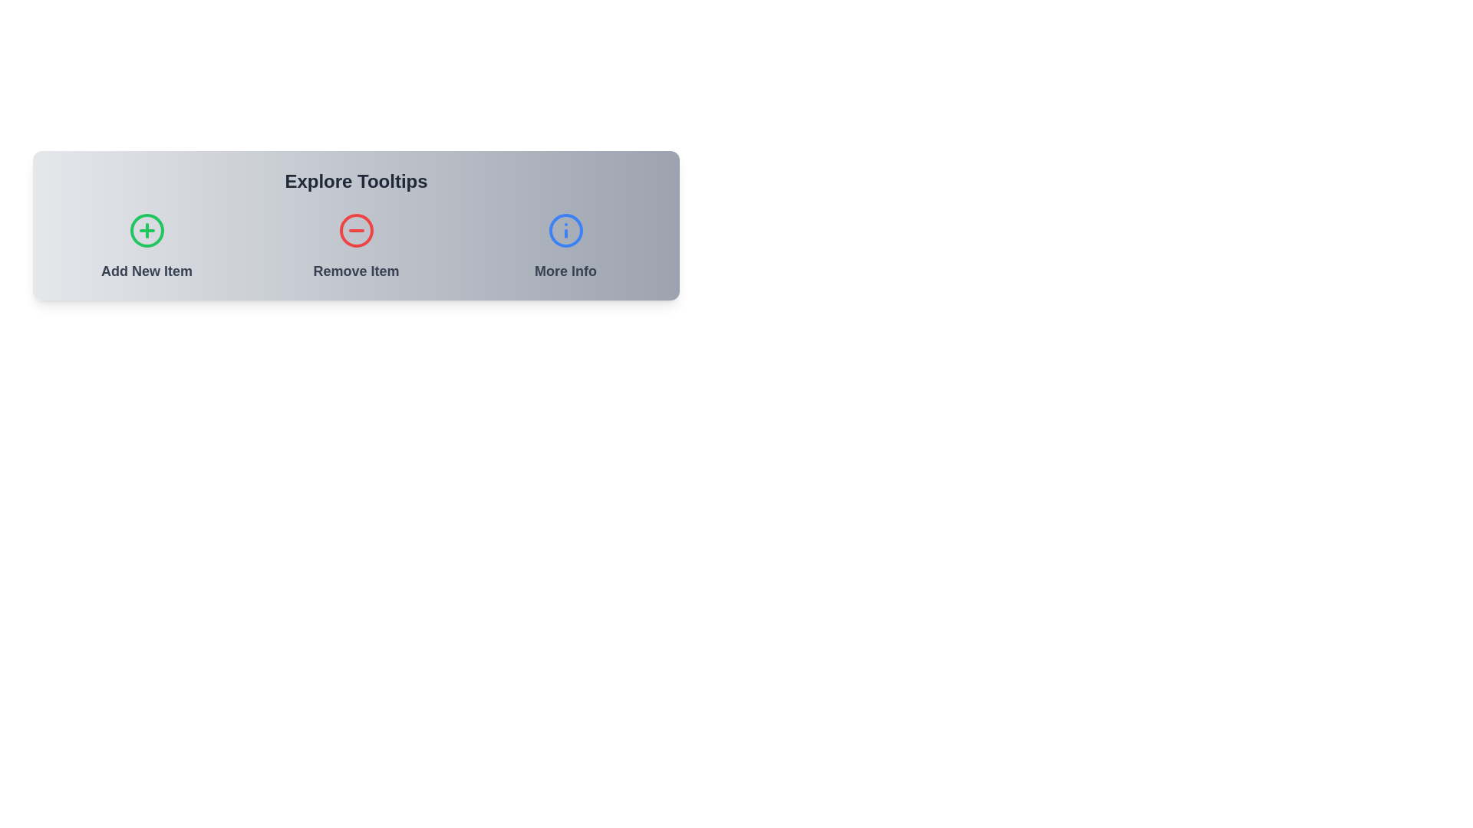  What do you see at coordinates (147, 271) in the screenshot?
I see `the 'Add New Item' text label element, which is styled prominently and located below a green circle icon with a plus sign` at bounding box center [147, 271].